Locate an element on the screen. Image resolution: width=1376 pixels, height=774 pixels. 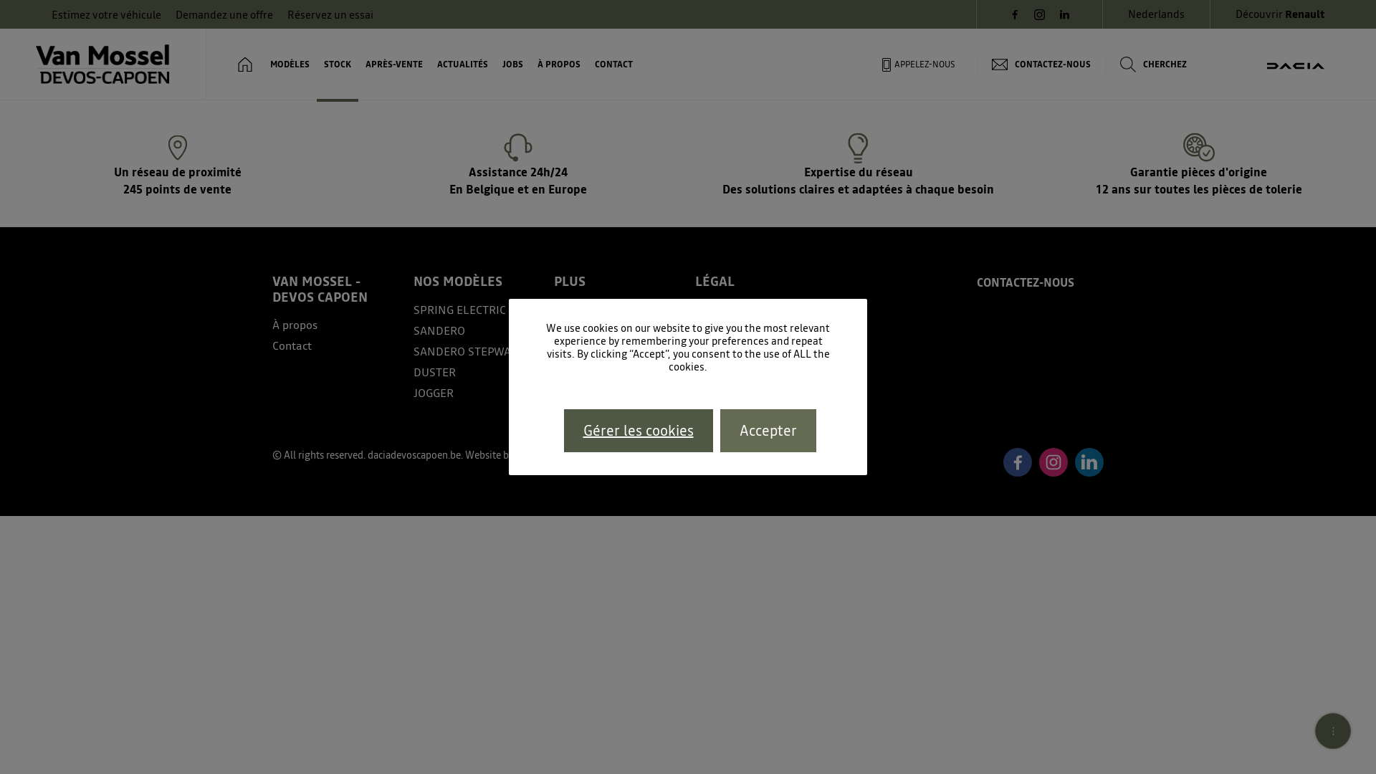
'Demandez une offre' is located at coordinates (174, 14).